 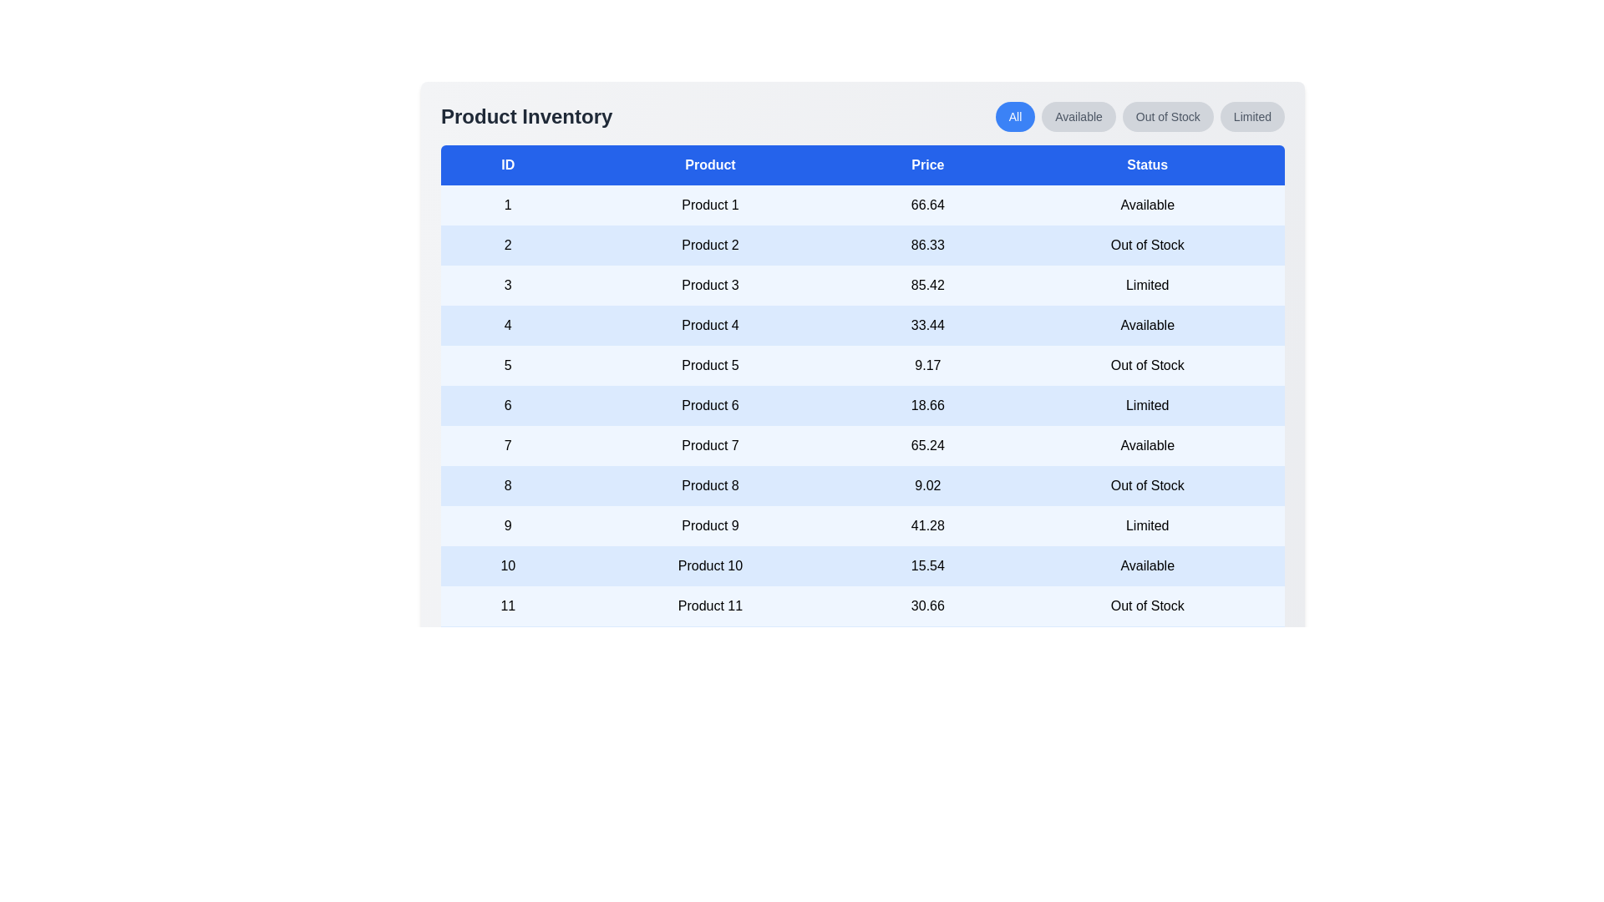 What do you see at coordinates (1166, 115) in the screenshot?
I see `the filter button labeled 'Out of Stock' to filter the table` at bounding box center [1166, 115].